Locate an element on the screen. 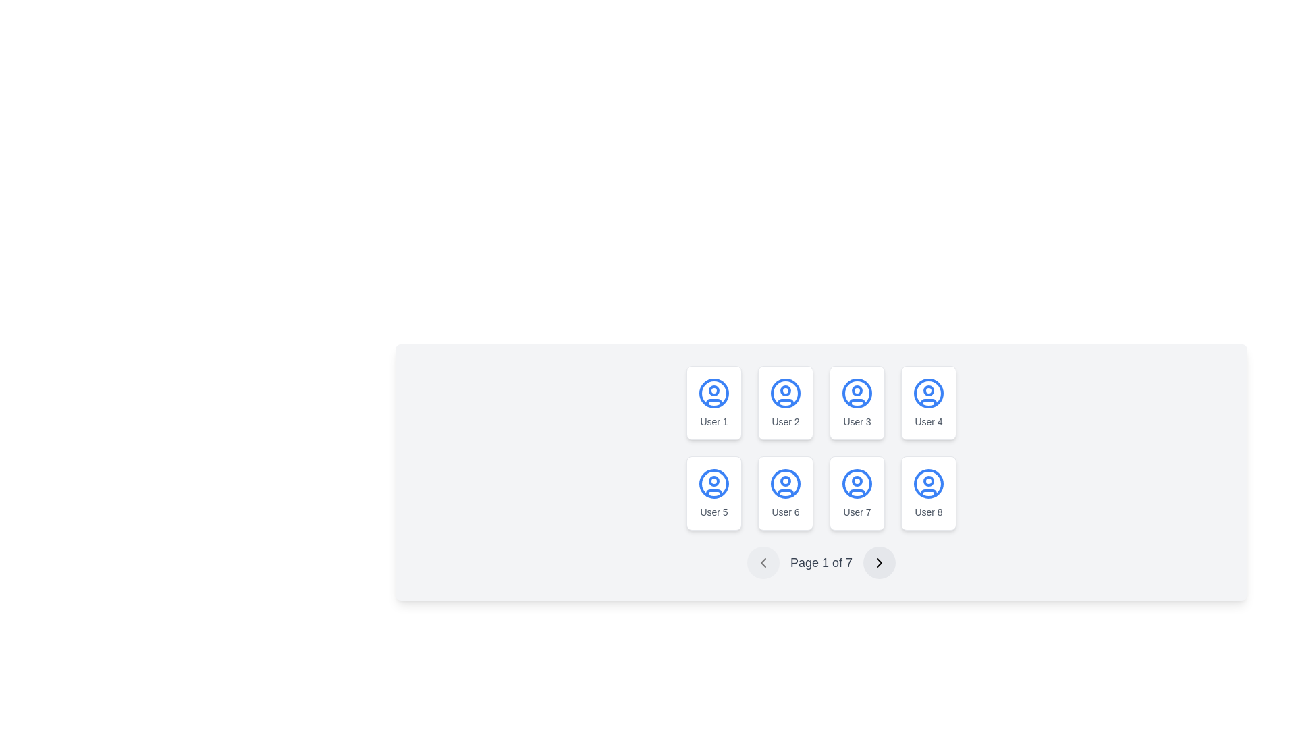 The width and height of the screenshot is (1296, 729). the bottom-most curved line of the circular user profile icon labeled 'User 8' located in the bottom-right corner of the grid layout is located at coordinates (928, 492).